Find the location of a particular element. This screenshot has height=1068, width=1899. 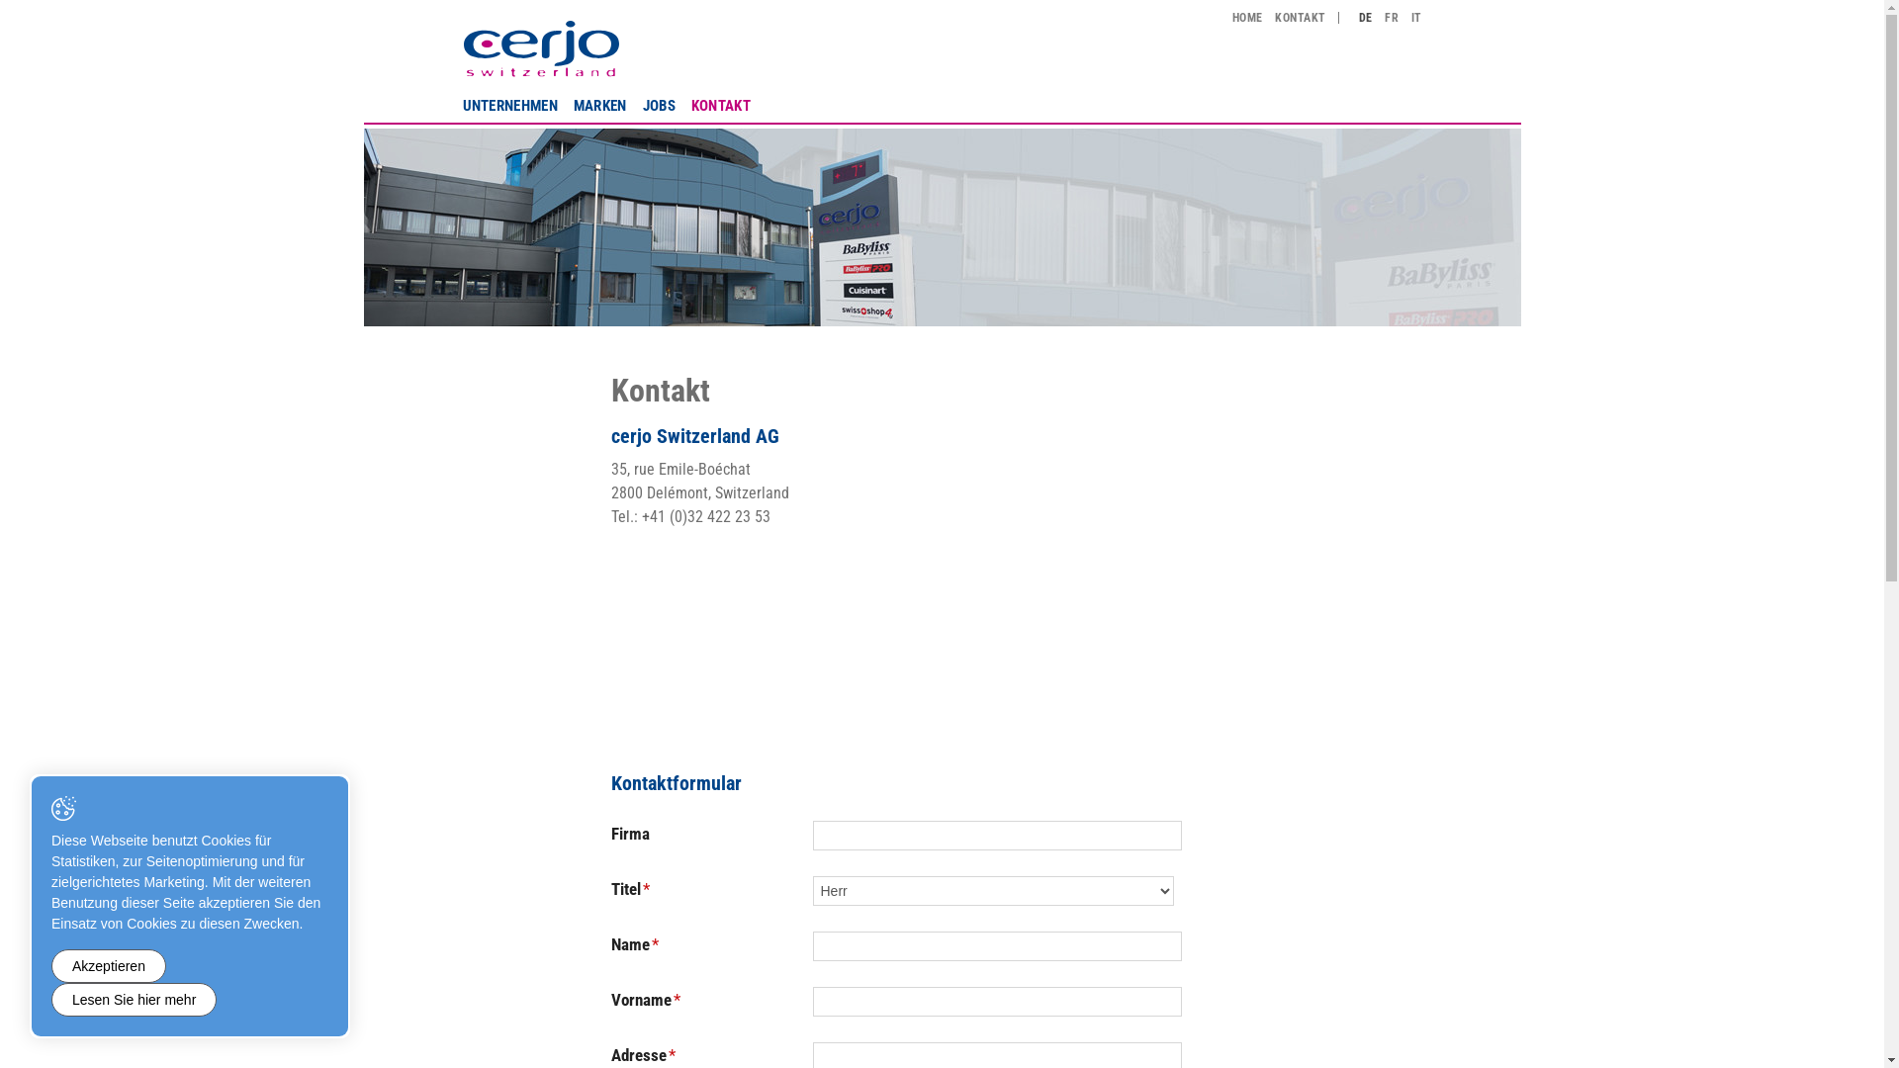

'cerjo Switzerland AG' is located at coordinates (541, 47).